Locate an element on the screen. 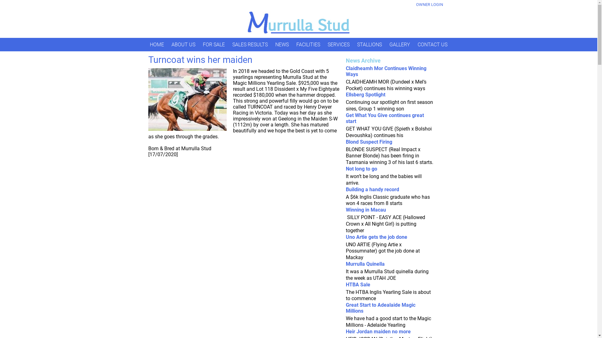 The height and width of the screenshot is (338, 602). 'Building a handy record' is located at coordinates (372, 189).